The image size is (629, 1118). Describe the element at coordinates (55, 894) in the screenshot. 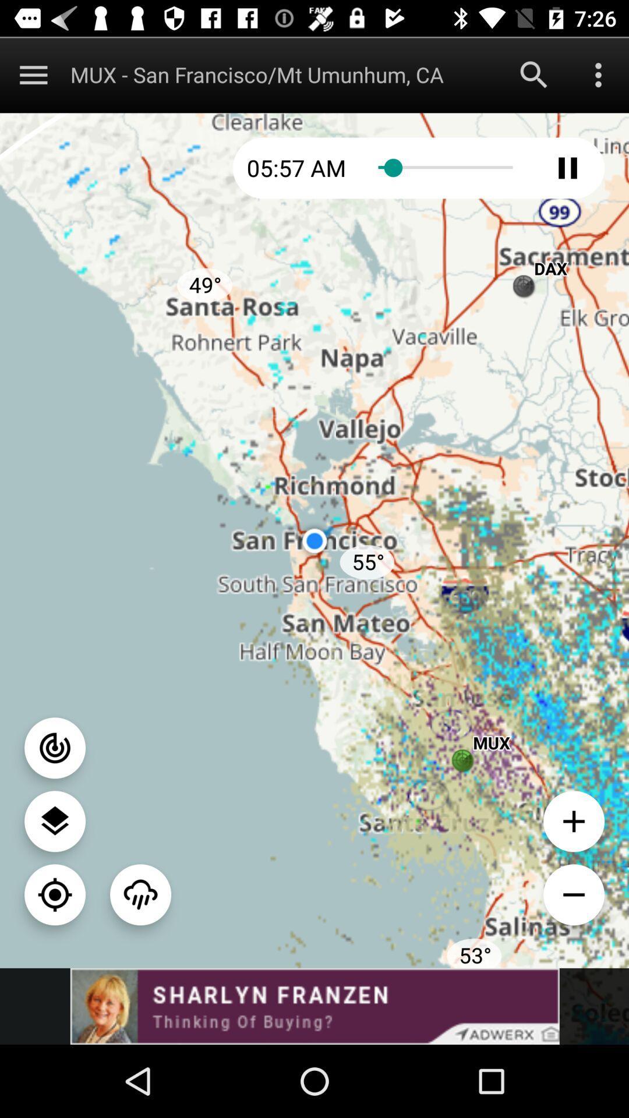

I see `the location_crosshair icon` at that location.